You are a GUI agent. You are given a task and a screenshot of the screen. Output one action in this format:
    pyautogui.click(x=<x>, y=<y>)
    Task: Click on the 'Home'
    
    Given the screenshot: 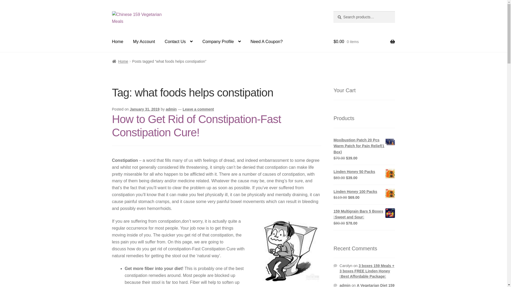 What is the action you would take?
    pyautogui.click(x=117, y=41)
    